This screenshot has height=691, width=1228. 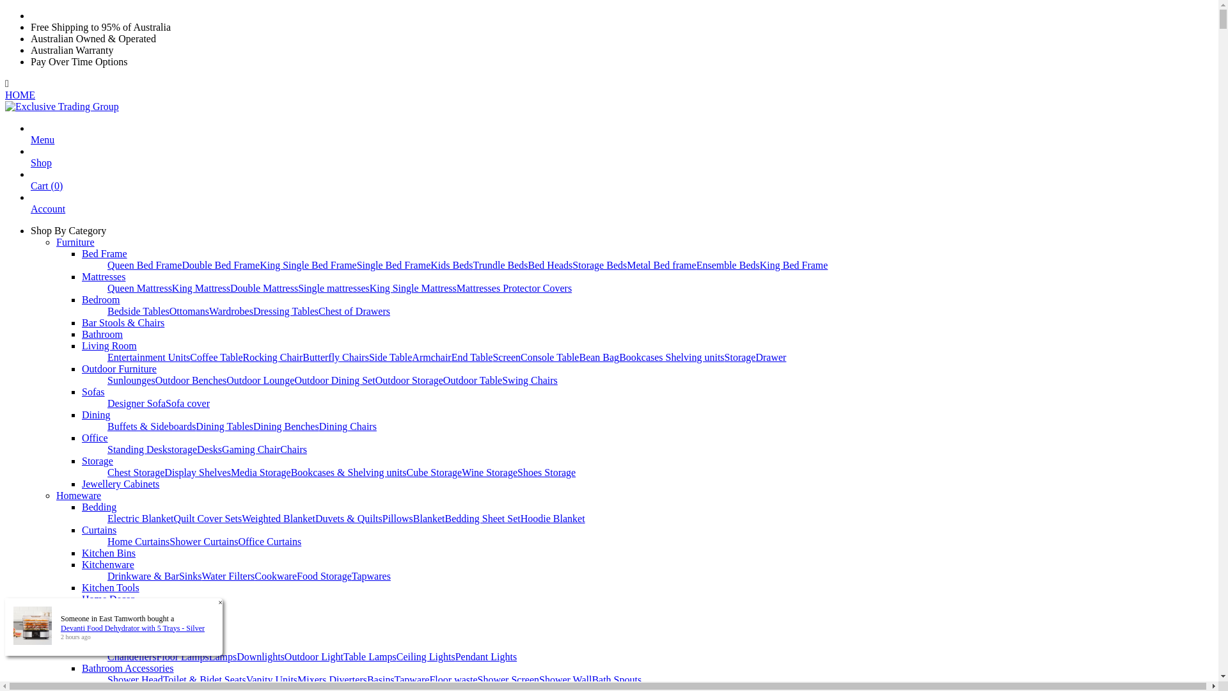 I want to click on 'Home Decor', so click(x=107, y=599).